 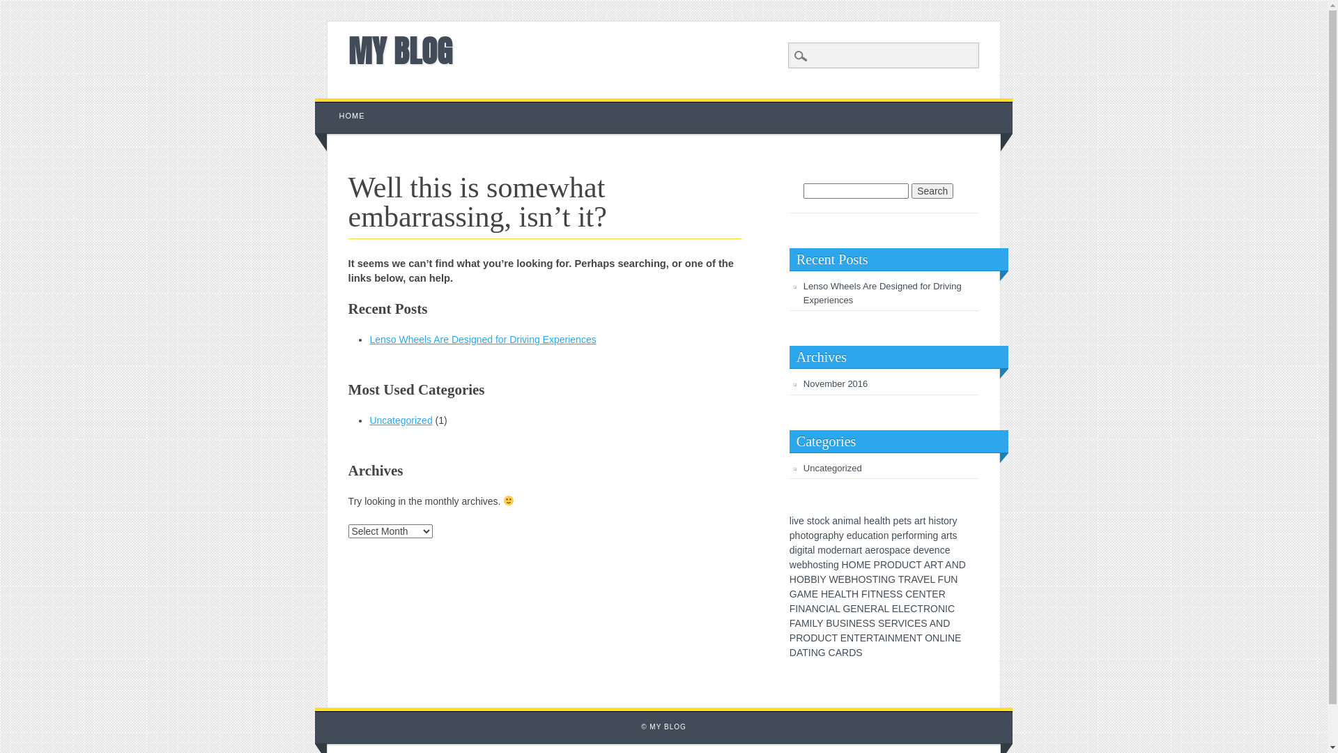 What do you see at coordinates (899, 637) in the screenshot?
I see `'M'` at bounding box center [899, 637].